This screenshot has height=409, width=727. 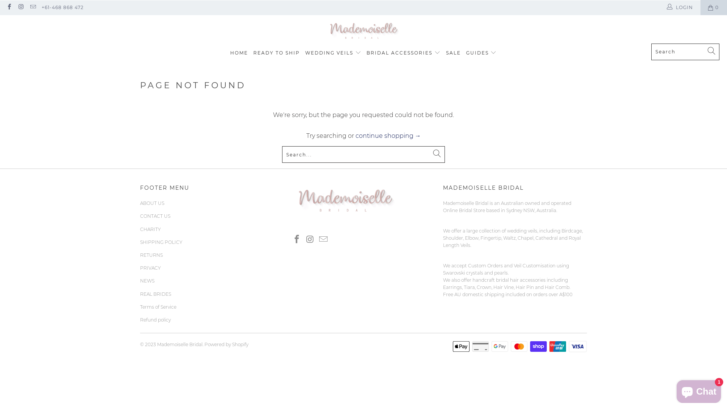 I want to click on 'NEWS', so click(x=140, y=281).